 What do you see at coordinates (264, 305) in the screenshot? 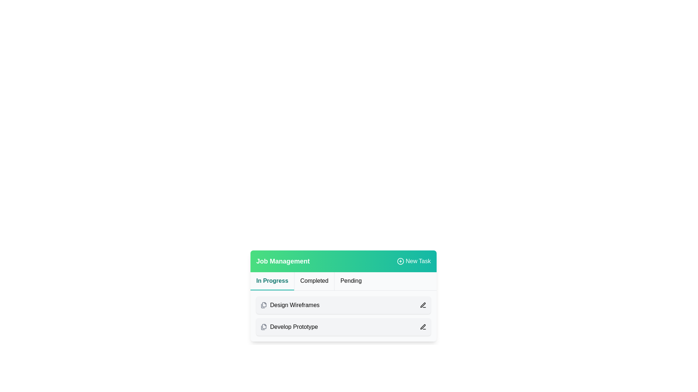
I see `the decorative icon representing the 'Develop Prototype' task located in the second row of the 'In Progress' tab under 'Job Management'` at bounding box center [264, 305].